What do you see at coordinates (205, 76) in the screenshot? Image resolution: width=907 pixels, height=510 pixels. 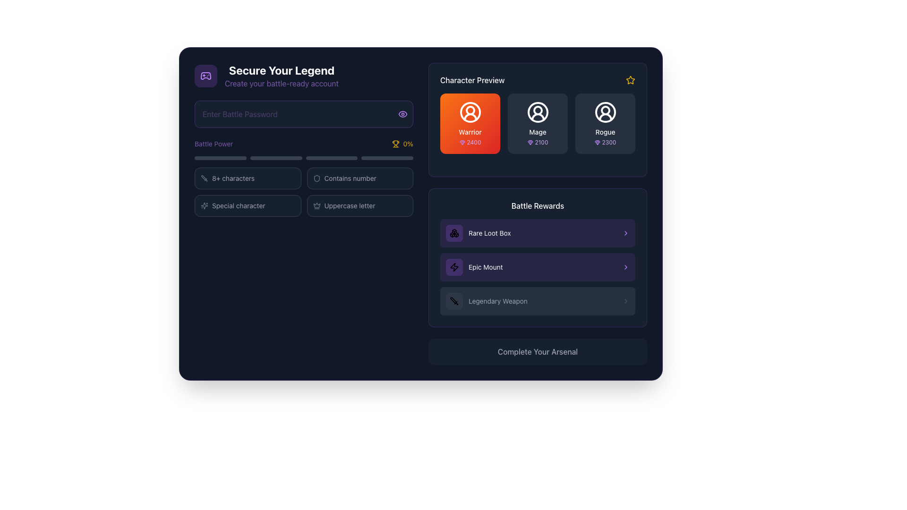 I see `the purple gamepad-like icon located in the 'Secure Your Legend' section, which features a cross-shaped directional pad and a circular button` at bounding box center [205, 76].